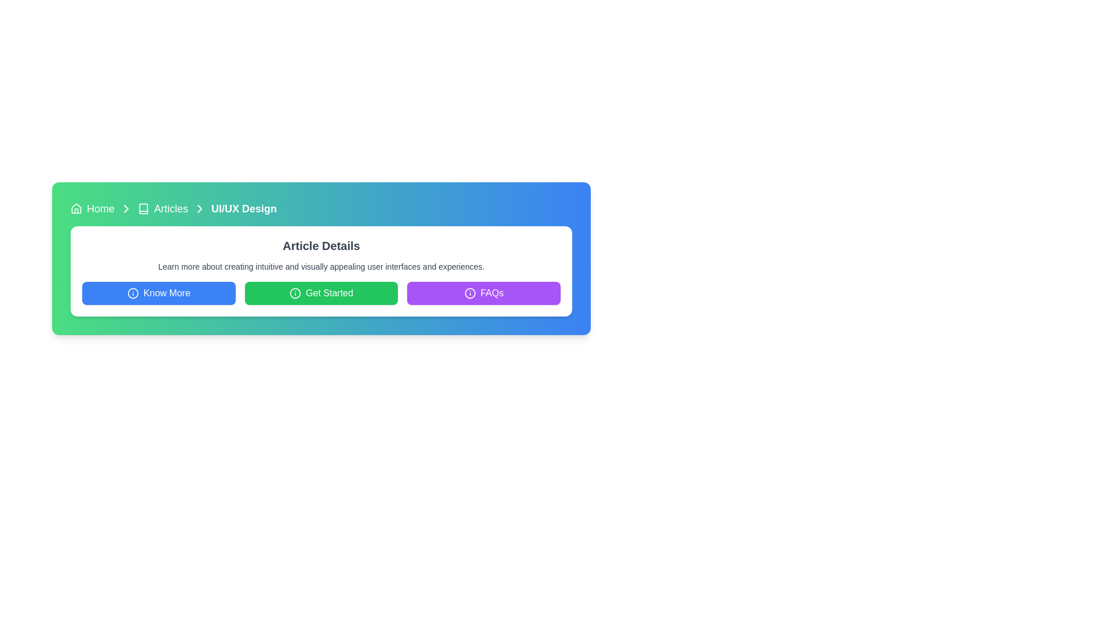 This screenshot has height=625, width=1112. Describe the element at coordinates (126, 209) in the screenshot. I see `the breadcrumb separator icon located between the 'Home' and 'Articles' links in the navigation bar to indicate hierarchy` at that location.